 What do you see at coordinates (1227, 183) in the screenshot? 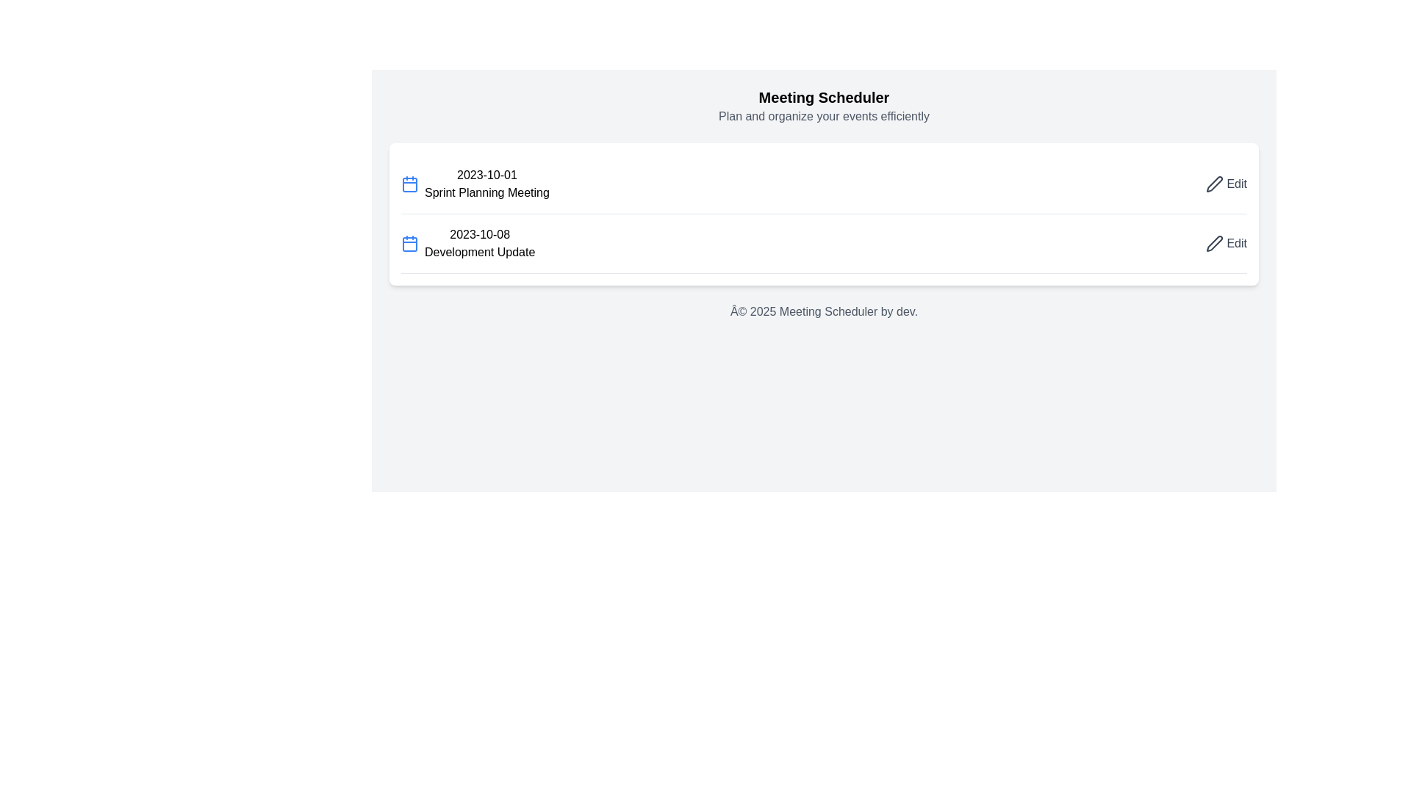
I see `the edit button located on the right-hand side of the top row in the meeting list to modify the details of the 'Sprint Planning Meeting' scheduled for '2023-10-01'` at bounding box center [1227, 183].